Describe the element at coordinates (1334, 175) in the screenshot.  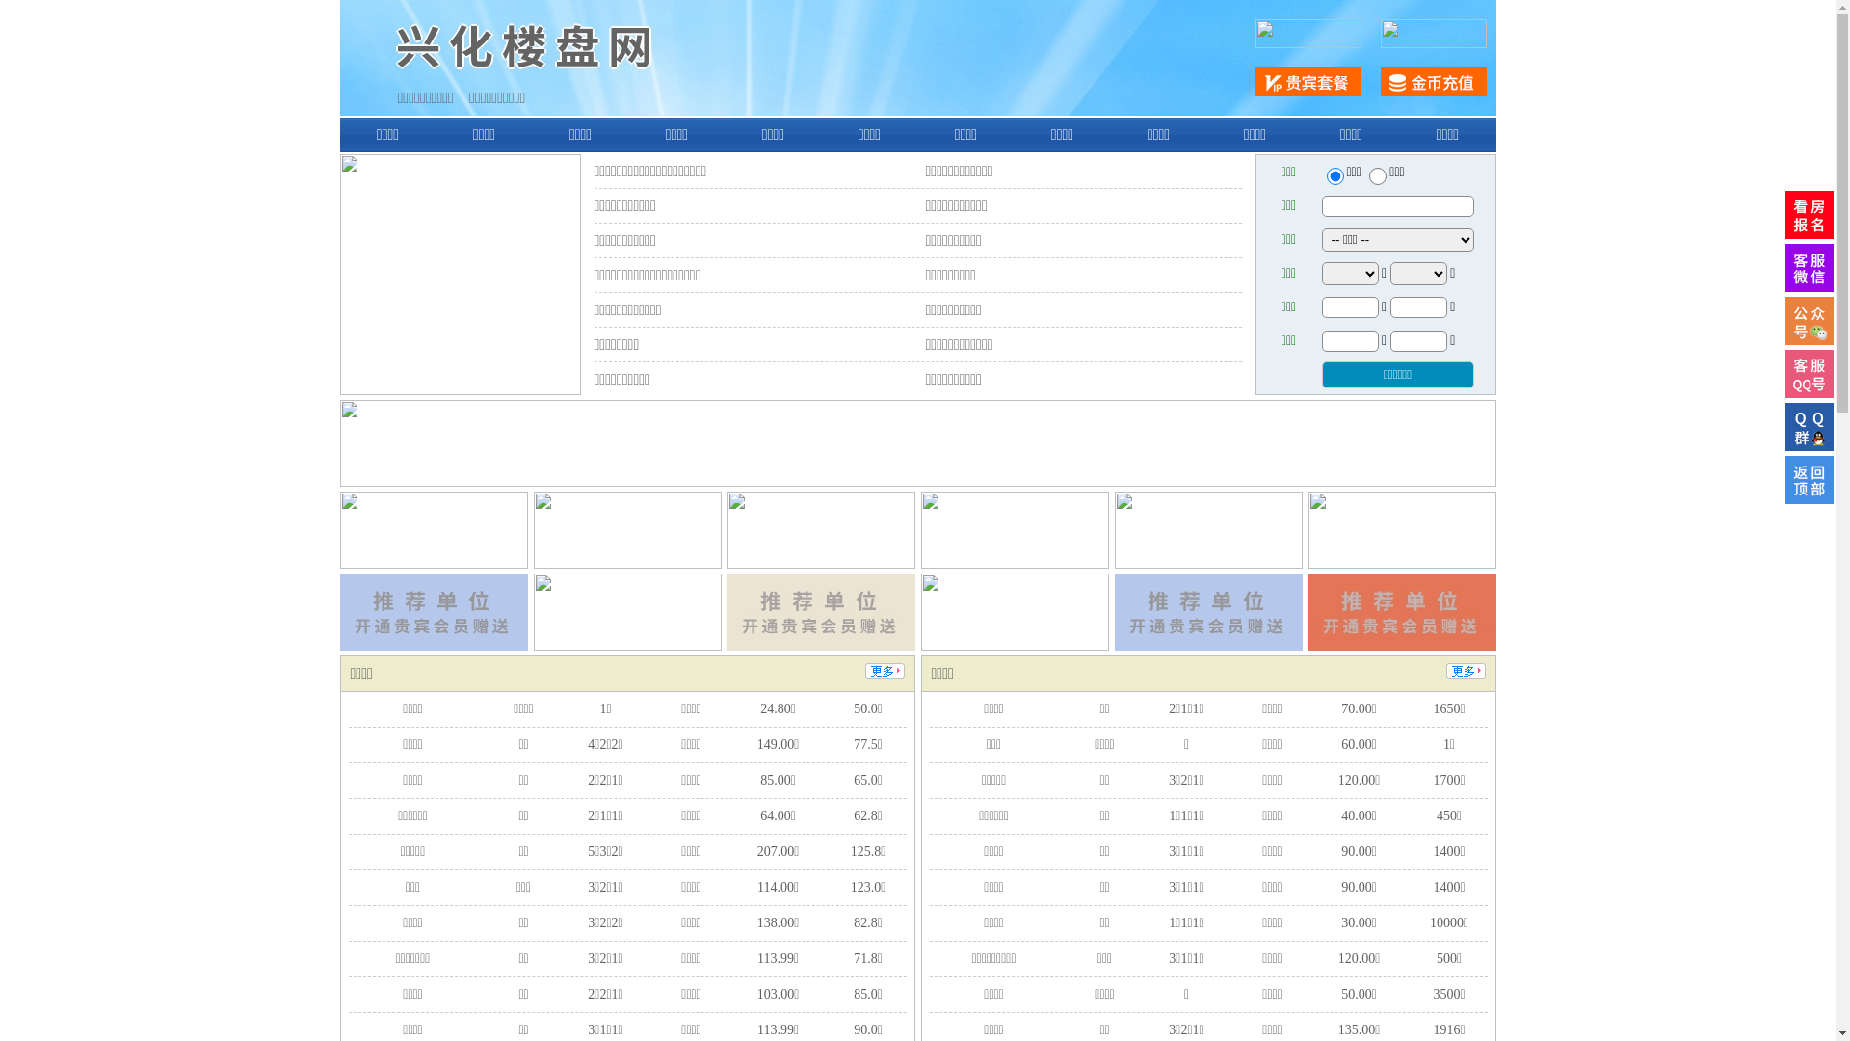
I see `'ershou'` at that location.